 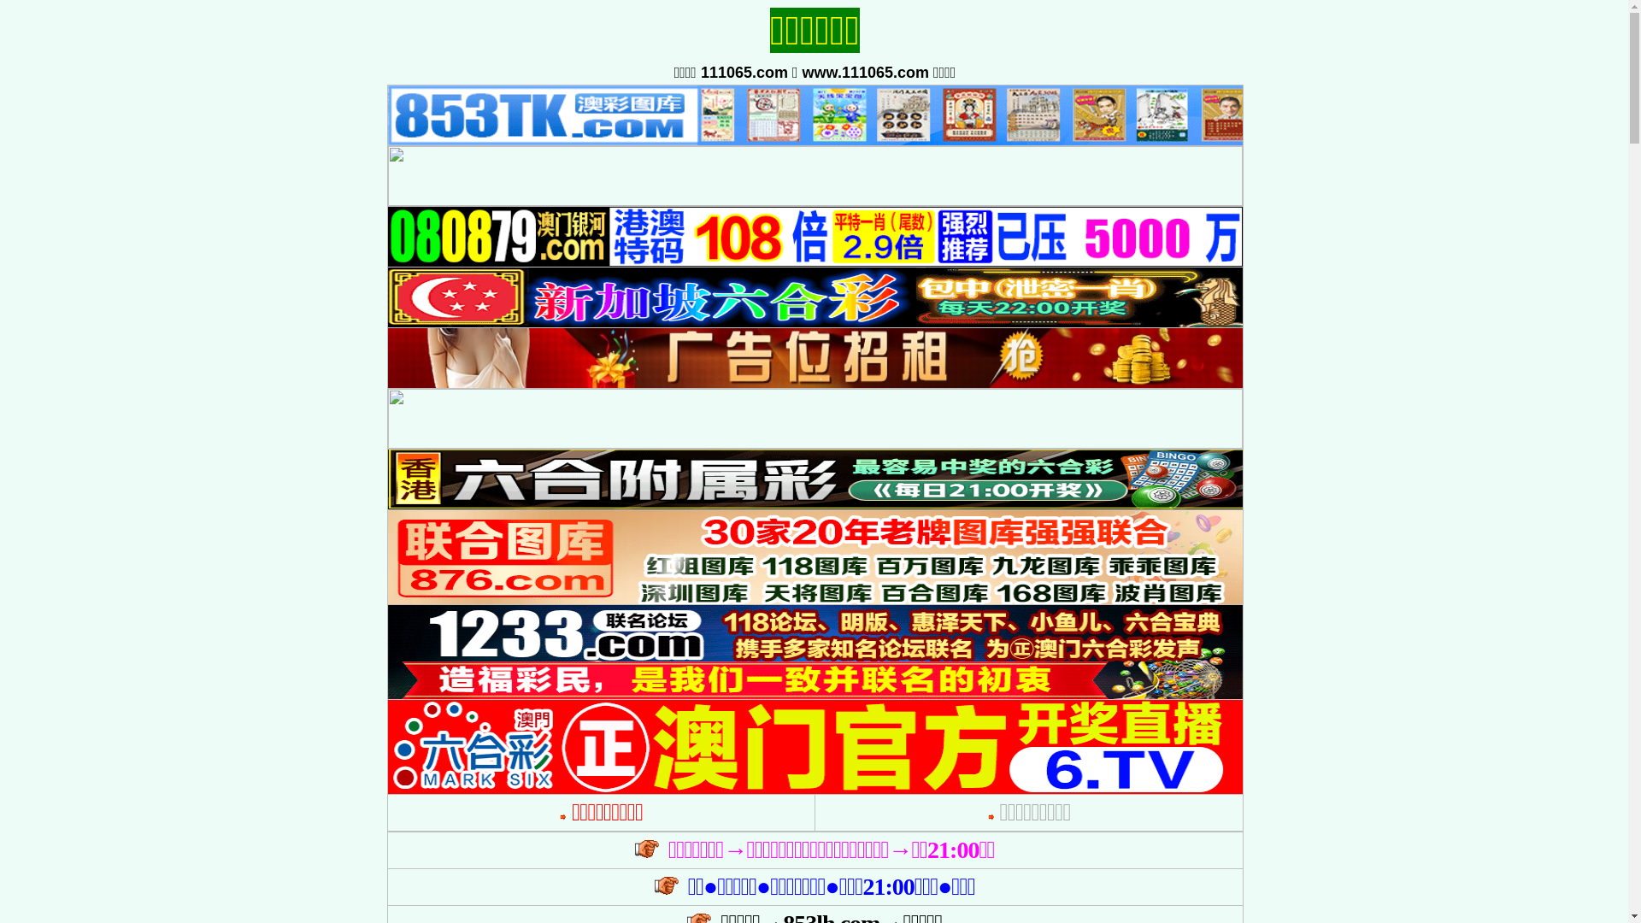 I want to click on '111065.com', so click(x=744, y=71).